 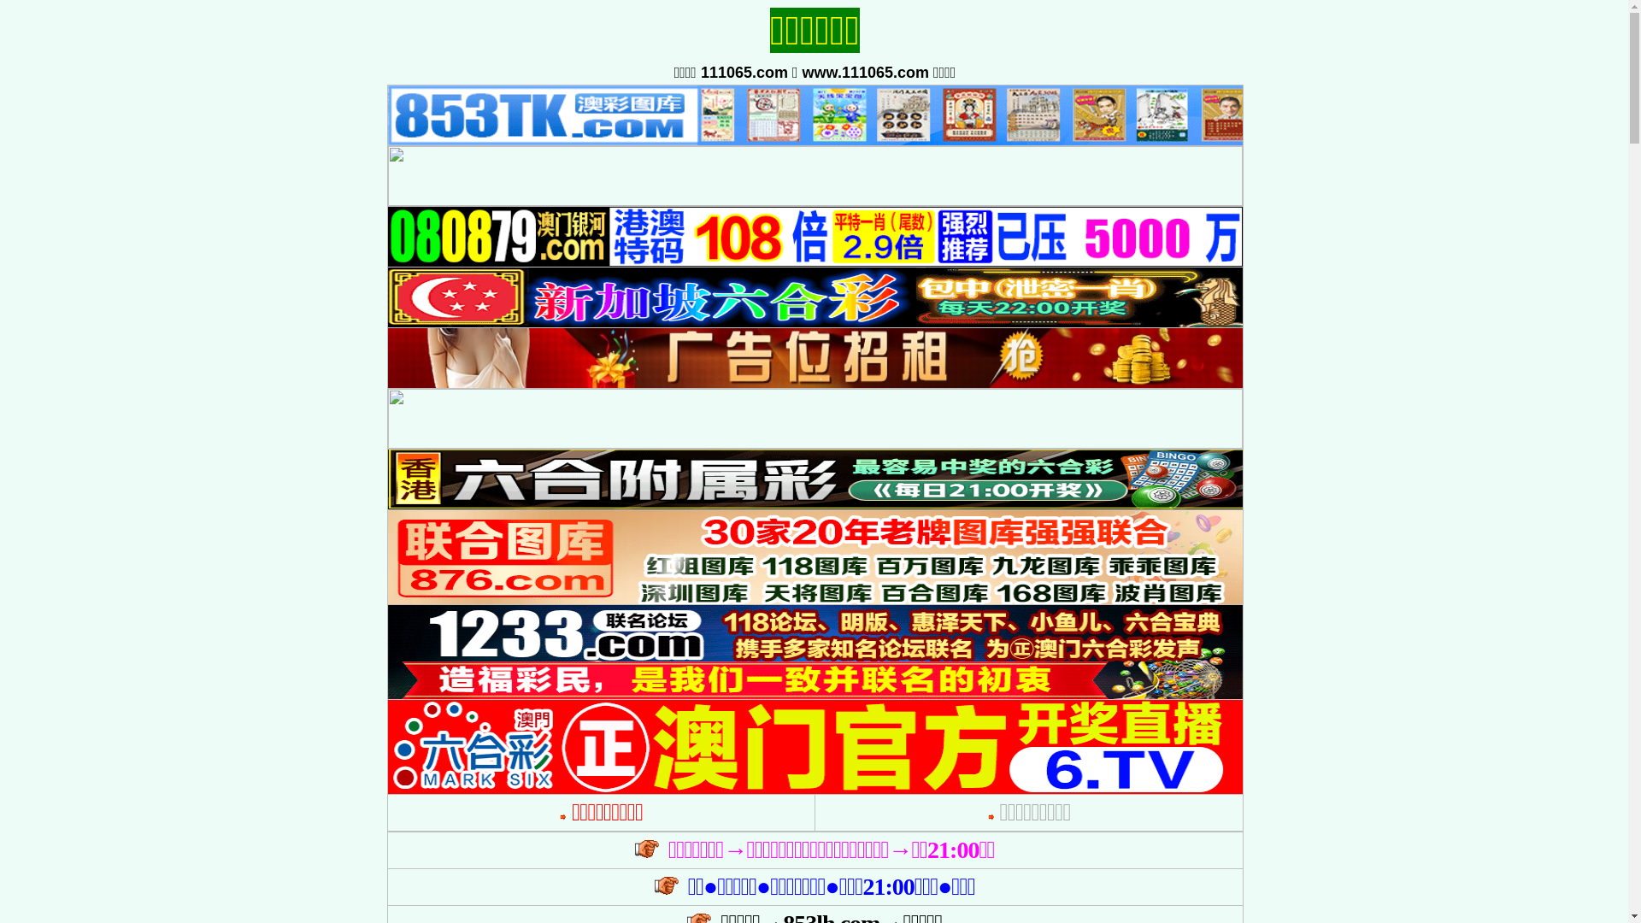 I want to click on '111065.com', so click(x=744, y=71).